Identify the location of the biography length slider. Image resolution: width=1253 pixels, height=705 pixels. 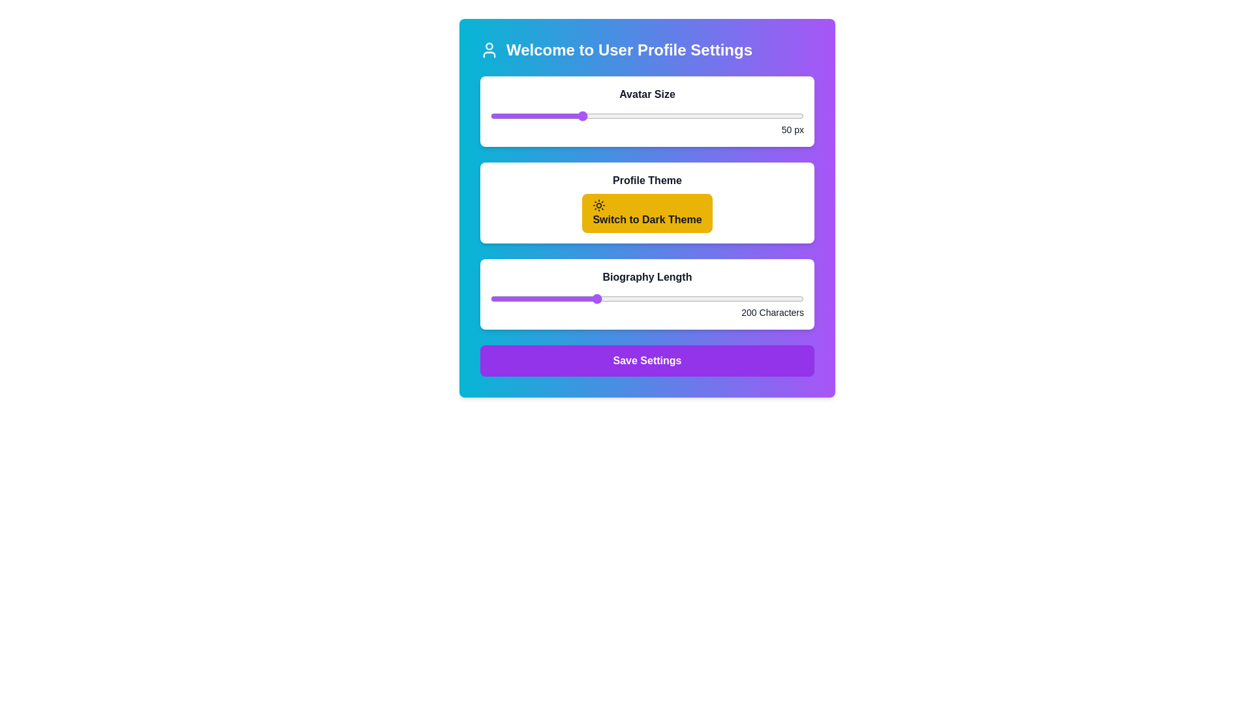
(552, 299).